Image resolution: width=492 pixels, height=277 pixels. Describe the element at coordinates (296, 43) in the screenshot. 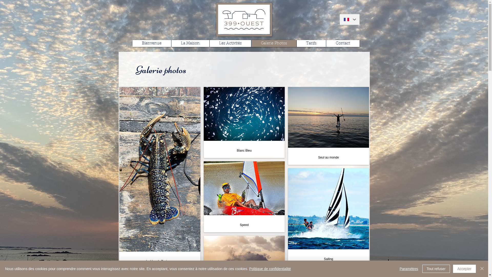

I see `'Tarifs'` at that location.